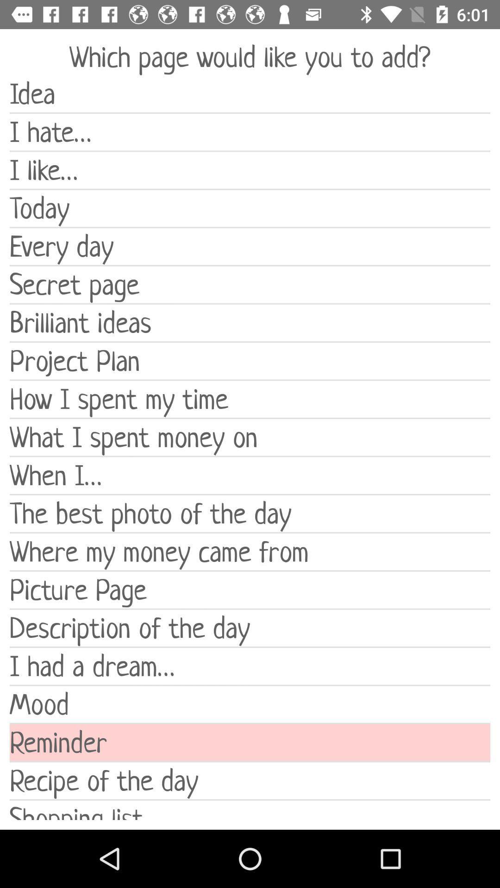 This screenshot has width=500, height=888. I want to click on secret page icon, so click(250, 284).